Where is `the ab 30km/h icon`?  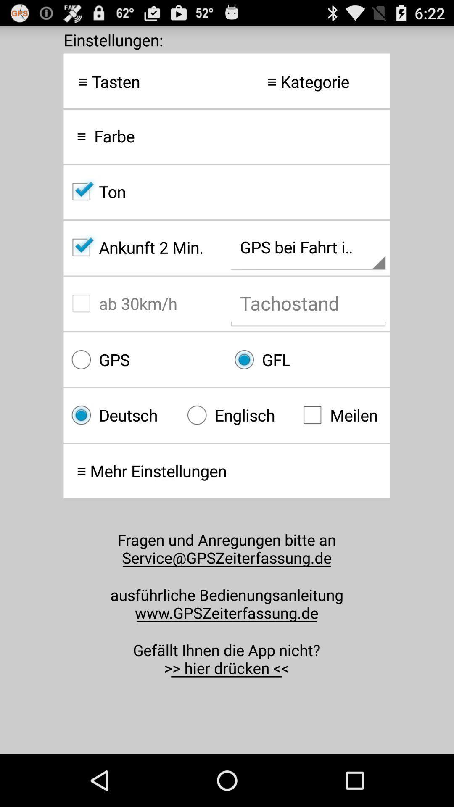
the ab 30km/h icon is located at coordinates (145, 303).